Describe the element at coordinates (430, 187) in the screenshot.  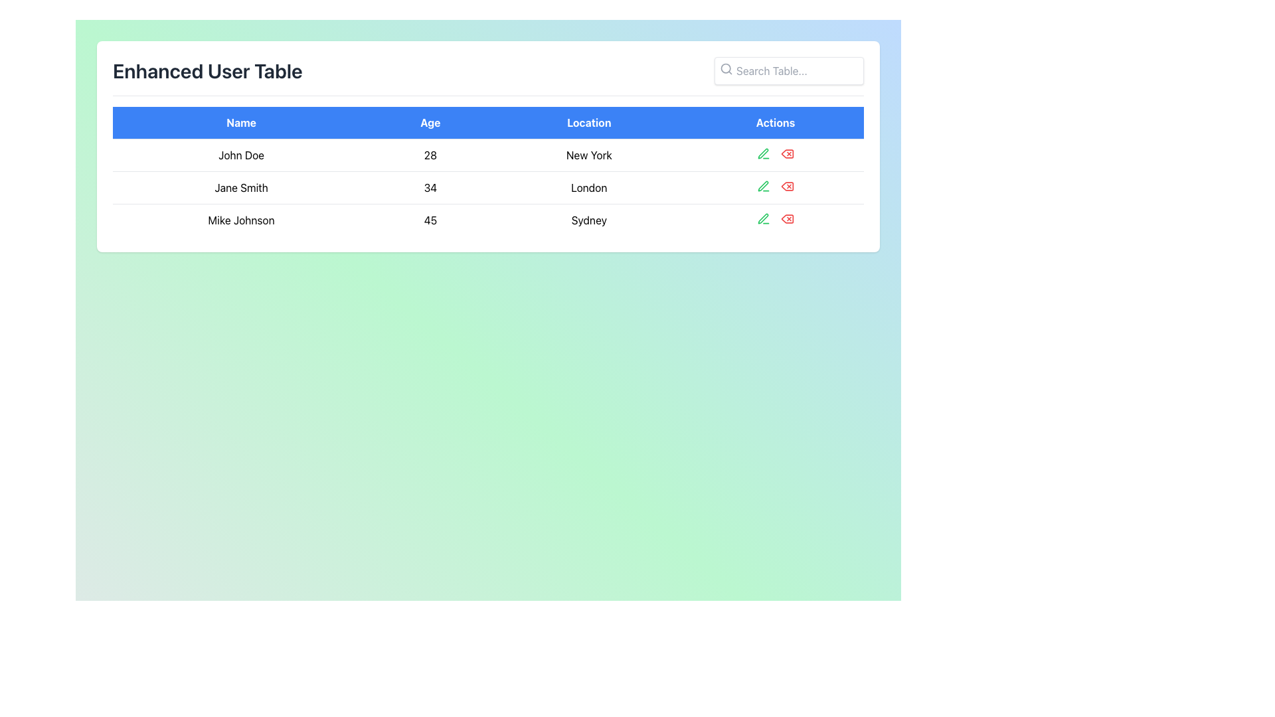
I see `numeric value displayed in the text-based UI element located in the second cell of the 'Age' column, which corresponds to 'Jane Smith'` at that location.